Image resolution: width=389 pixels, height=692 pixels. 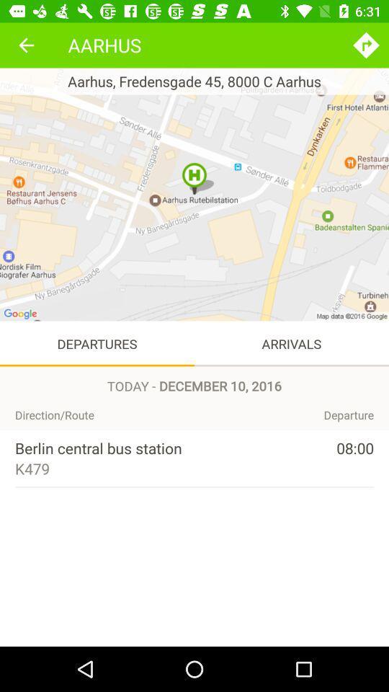 What do you see at coordinates (366, 45) in the screenshot?
I see `the item to the right of aarhus icon` at bounding box center [366, 45].